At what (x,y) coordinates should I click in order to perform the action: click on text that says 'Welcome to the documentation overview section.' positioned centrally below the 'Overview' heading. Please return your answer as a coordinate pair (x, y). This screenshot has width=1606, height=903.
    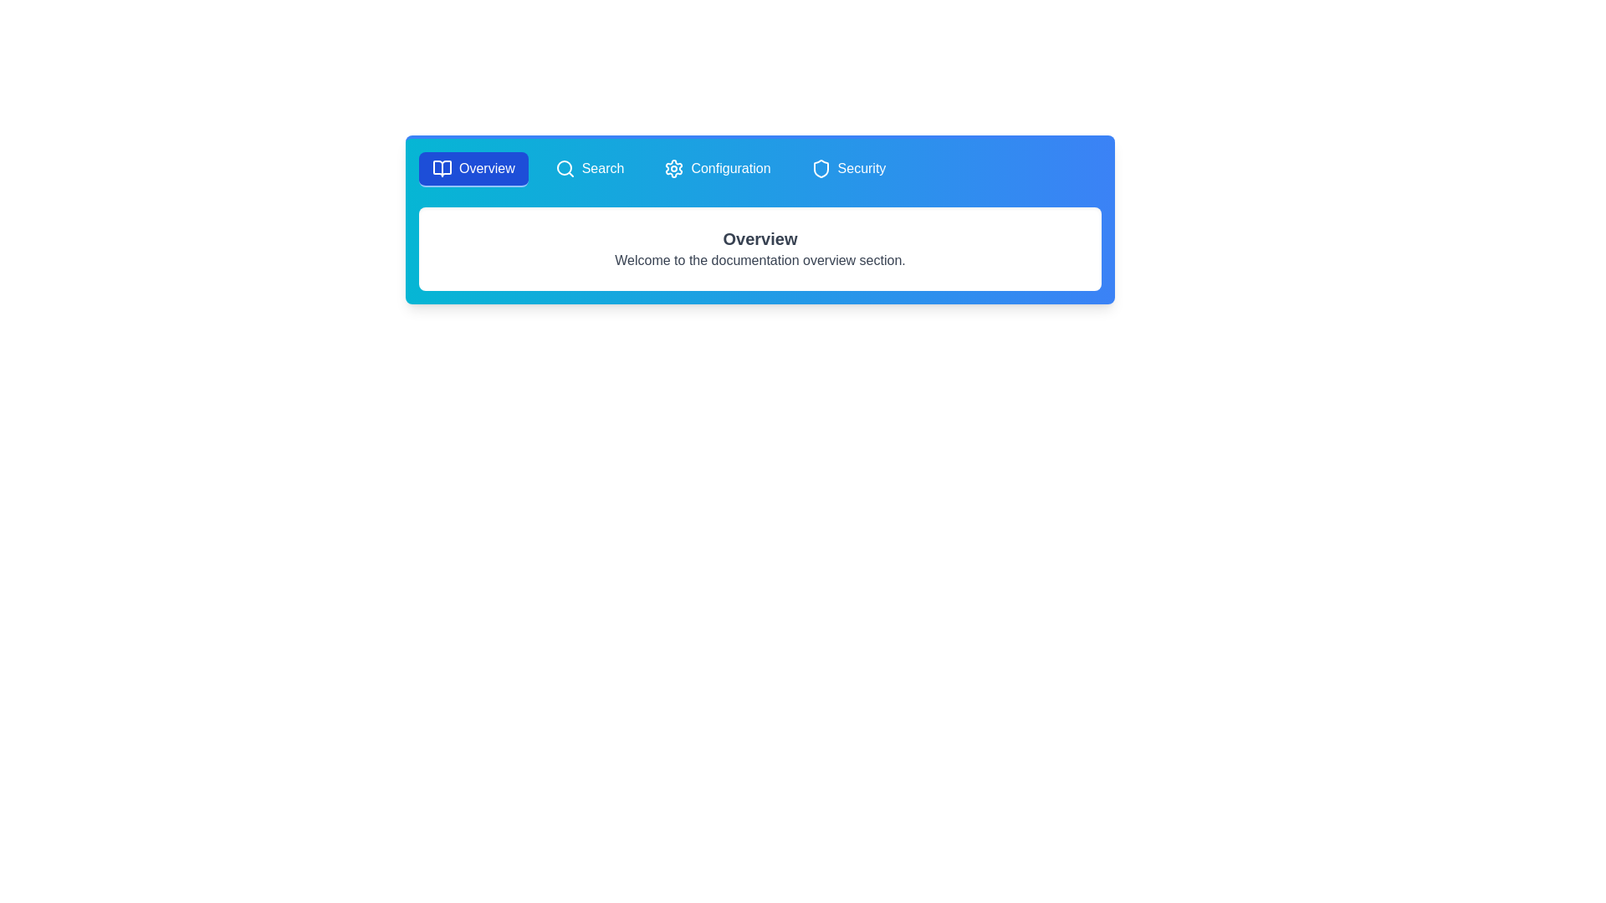
    Looking at the image, I should click on (759, 261).